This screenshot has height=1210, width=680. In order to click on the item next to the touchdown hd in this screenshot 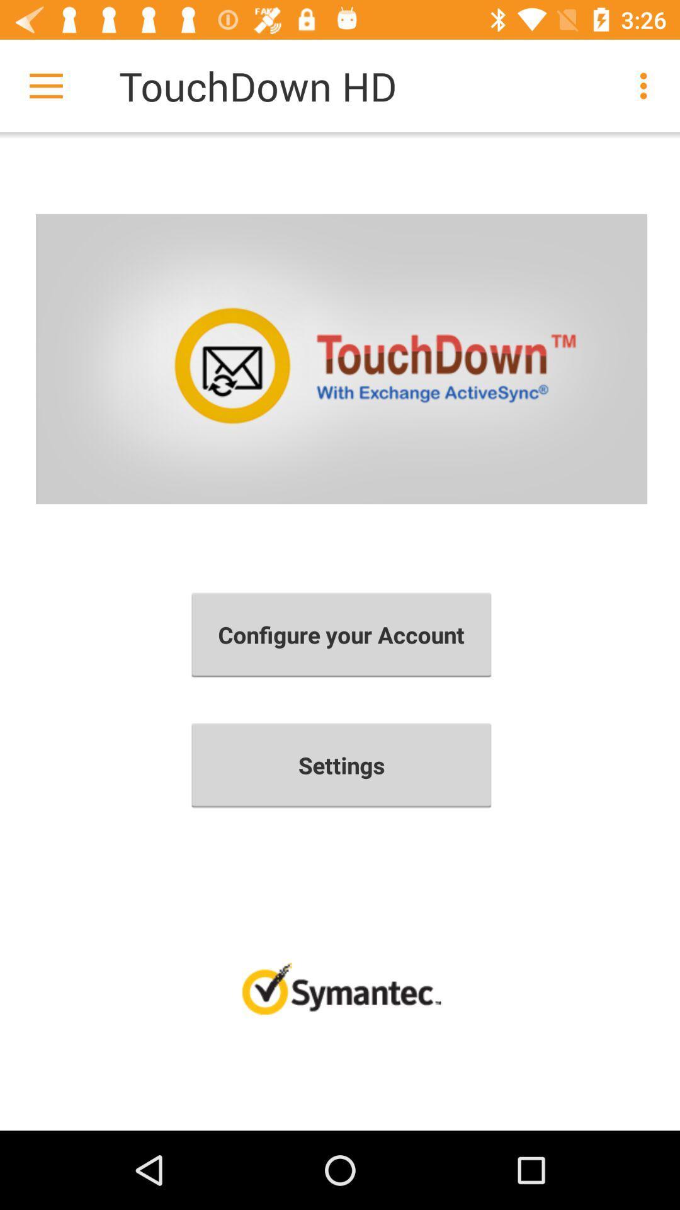, I will do `click(647, 85)`.